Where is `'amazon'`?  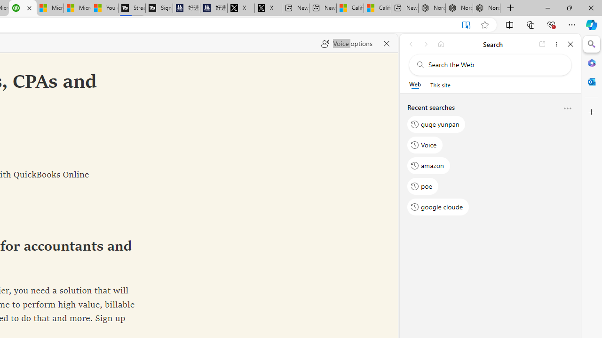 'amazon' is located at coordinates (428, 165).